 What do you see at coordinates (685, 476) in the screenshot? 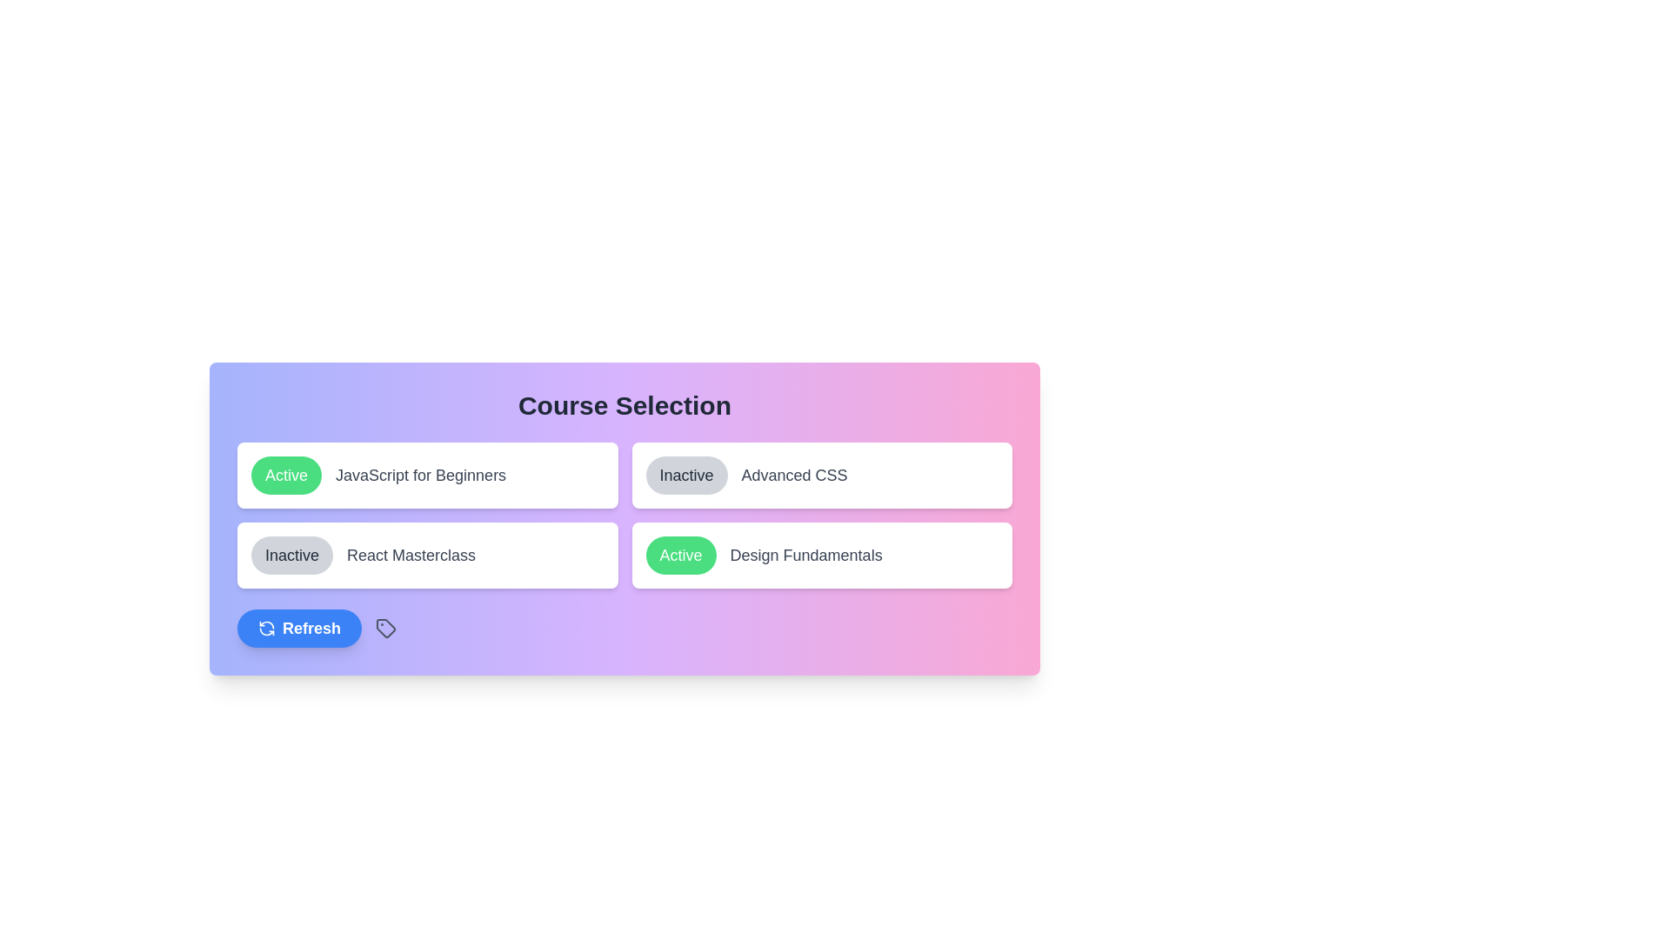
I see `the inactive status button for the 'Advanced CSS' course located in the top-right quadrant under the 'Course Selection' heading to change its status` at bounding box center [685, 476].